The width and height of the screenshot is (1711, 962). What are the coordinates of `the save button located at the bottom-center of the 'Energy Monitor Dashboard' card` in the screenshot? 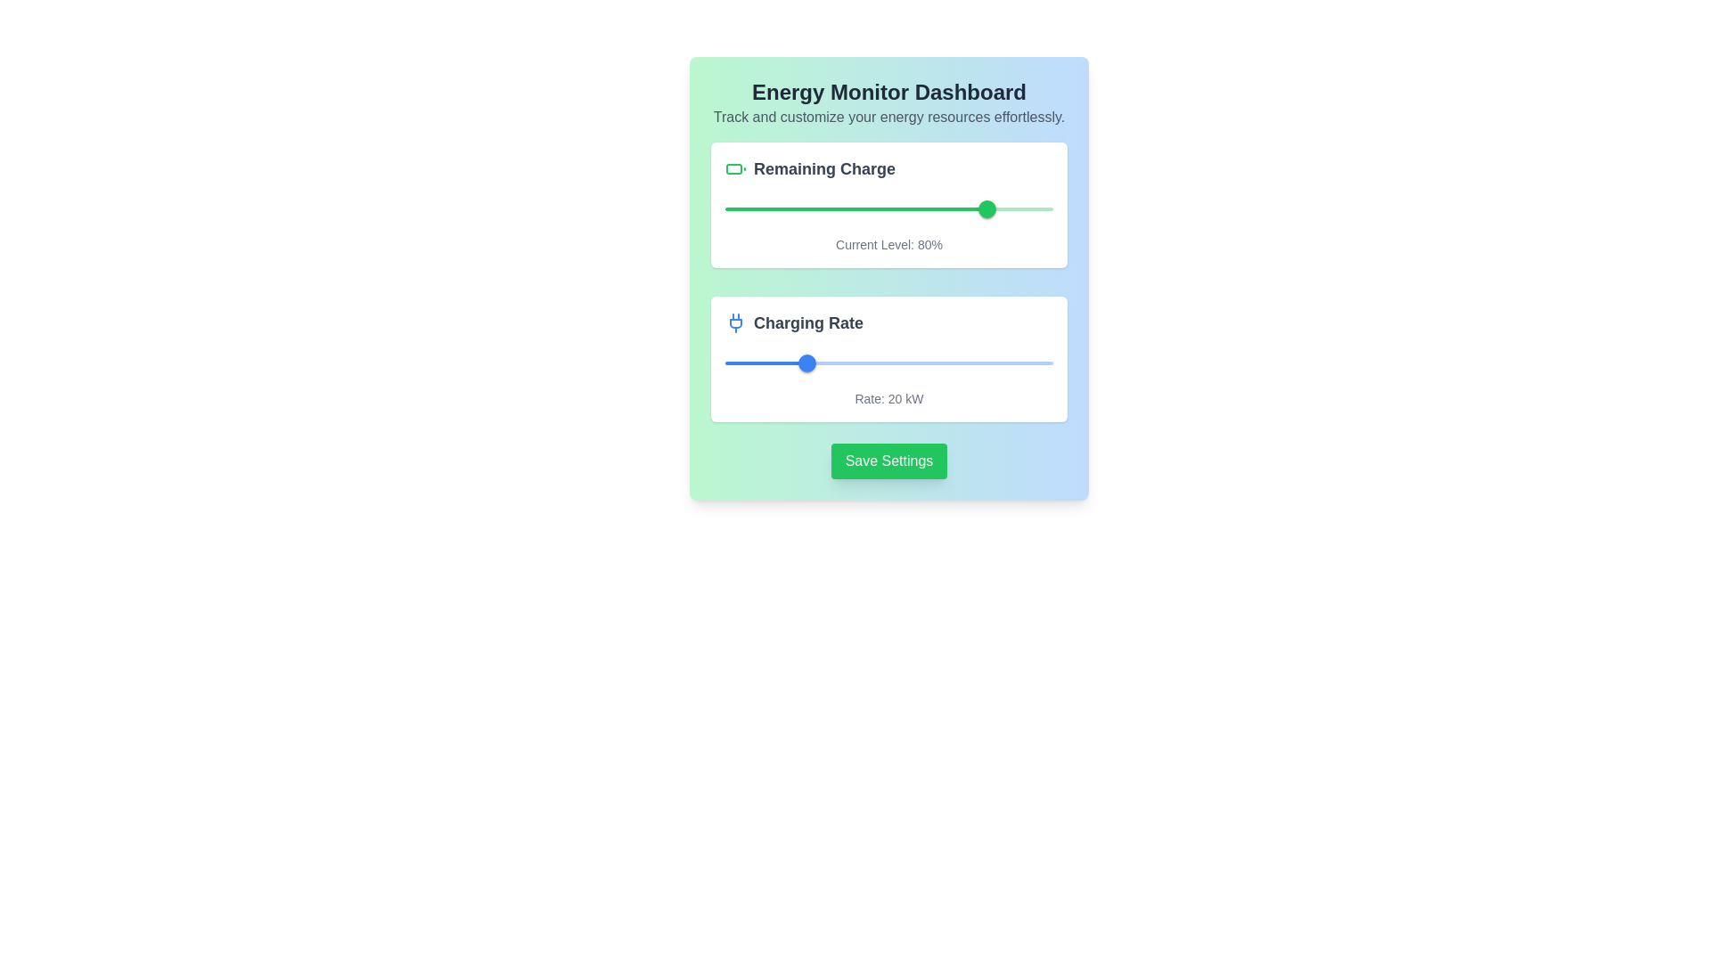 It's located at (889, 460).